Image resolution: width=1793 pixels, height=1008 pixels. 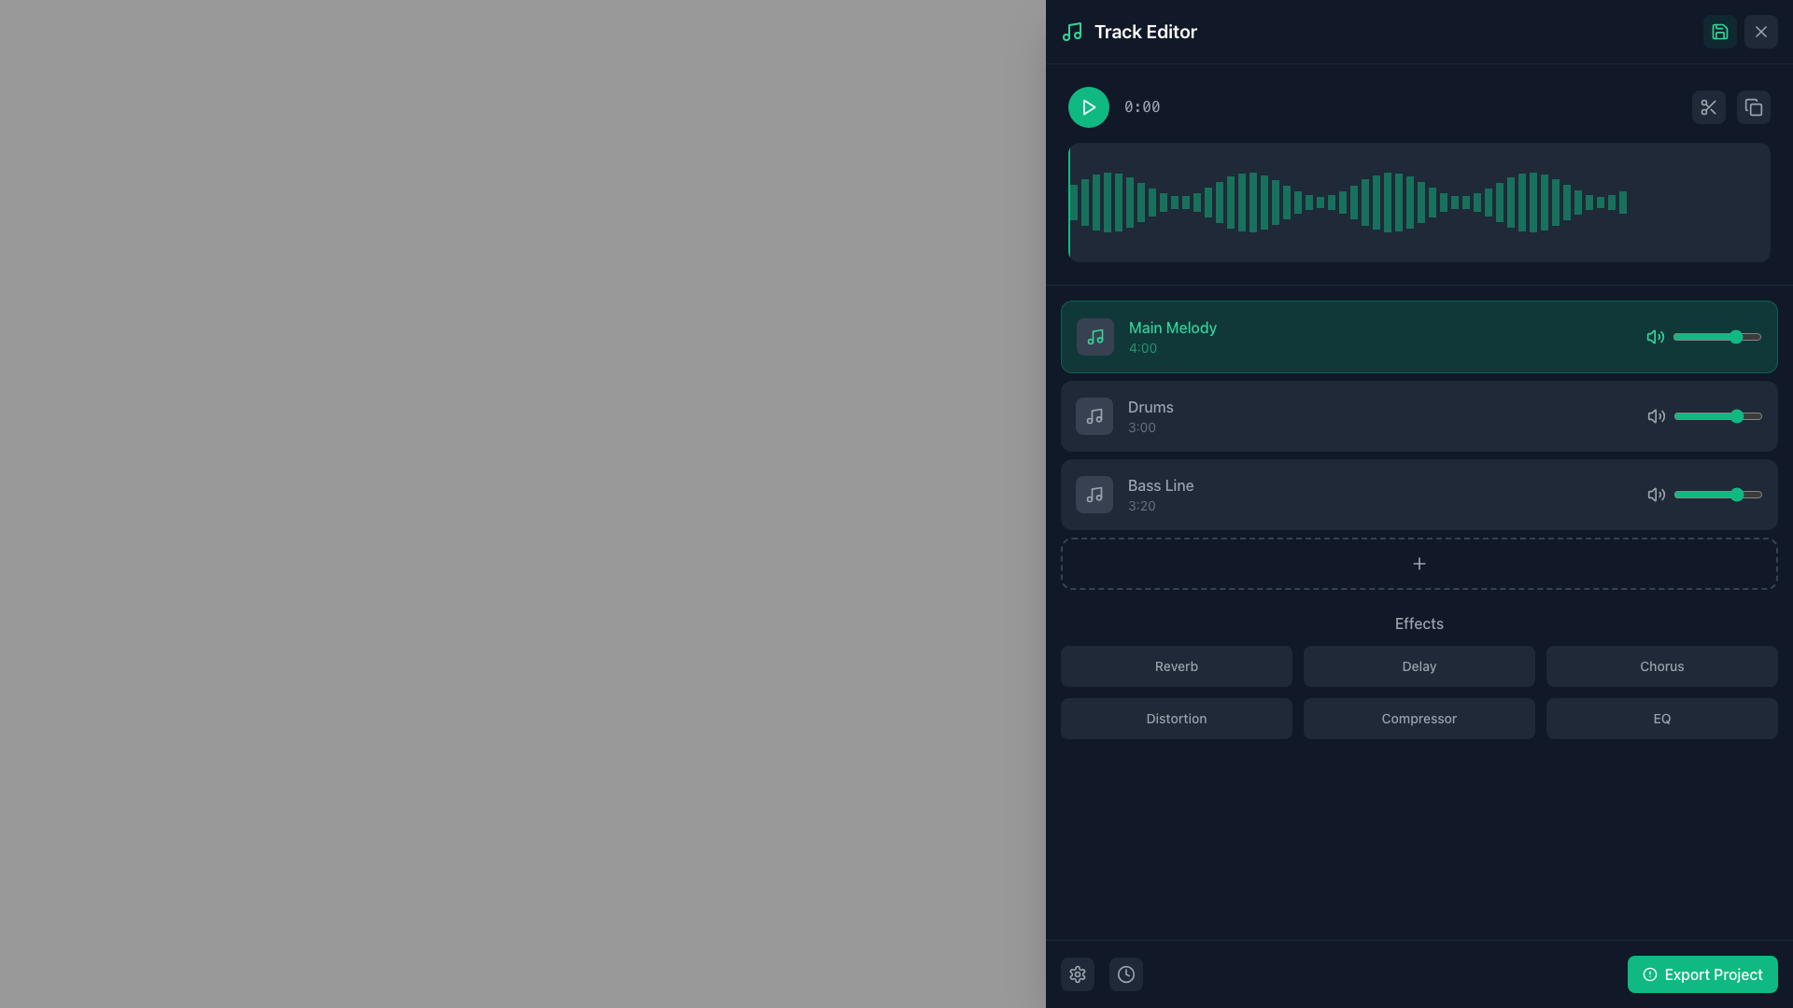 What do you see at coordinates (1662, 665) in the screenshot?
I see `the 'Chorus' effect button, the third button in the first row of the grid layout in the 'Effects' section, to observe visual changes` at bounding box center [1662, 665].